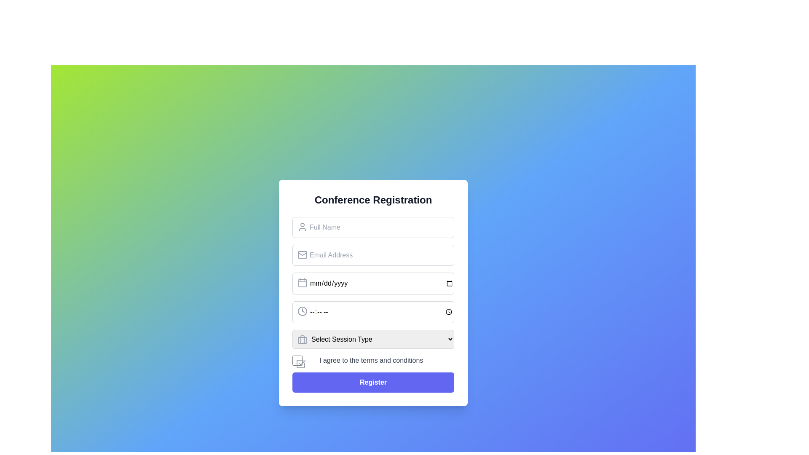 This screenshot has height=455, width=809. What do you see at coordinates (303, 339) in the screenshot?
I see `the dropdown field labeled 'Select Session Type' which contains the briefcase icon positioned to the left of the text content` at bounding box center [303, 339].